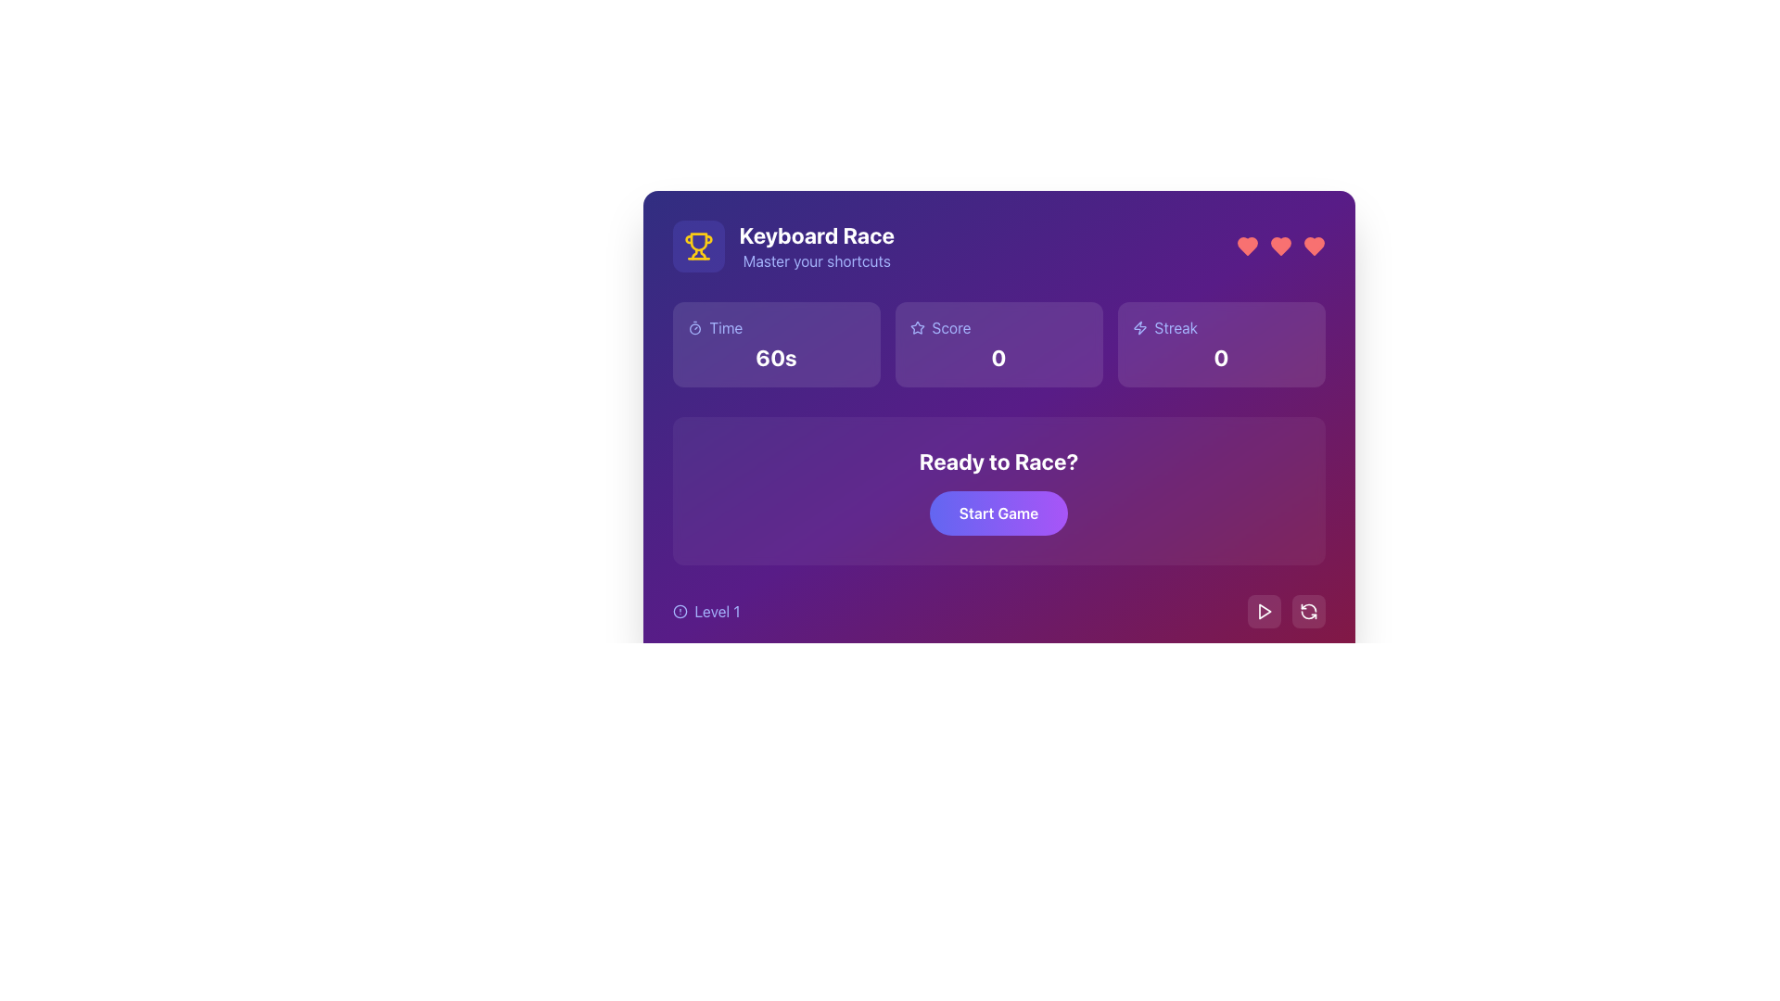 The height and width of the screenshot is (1001, 1780). Describe the element at coordinates (697, 246) in the screenshot. I see `the decorative achievement icon located in the top-left corner of the main card component, adjacent to the 'Keyboard Race' title text` at that location.